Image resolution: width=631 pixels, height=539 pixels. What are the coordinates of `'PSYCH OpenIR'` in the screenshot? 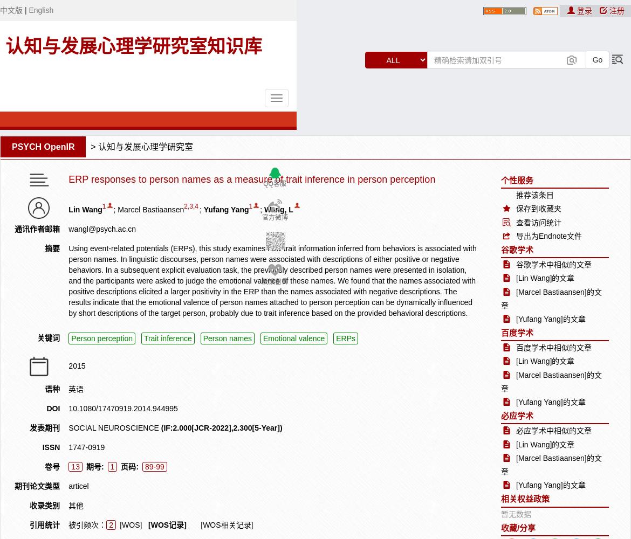 It's located at (11, 147).